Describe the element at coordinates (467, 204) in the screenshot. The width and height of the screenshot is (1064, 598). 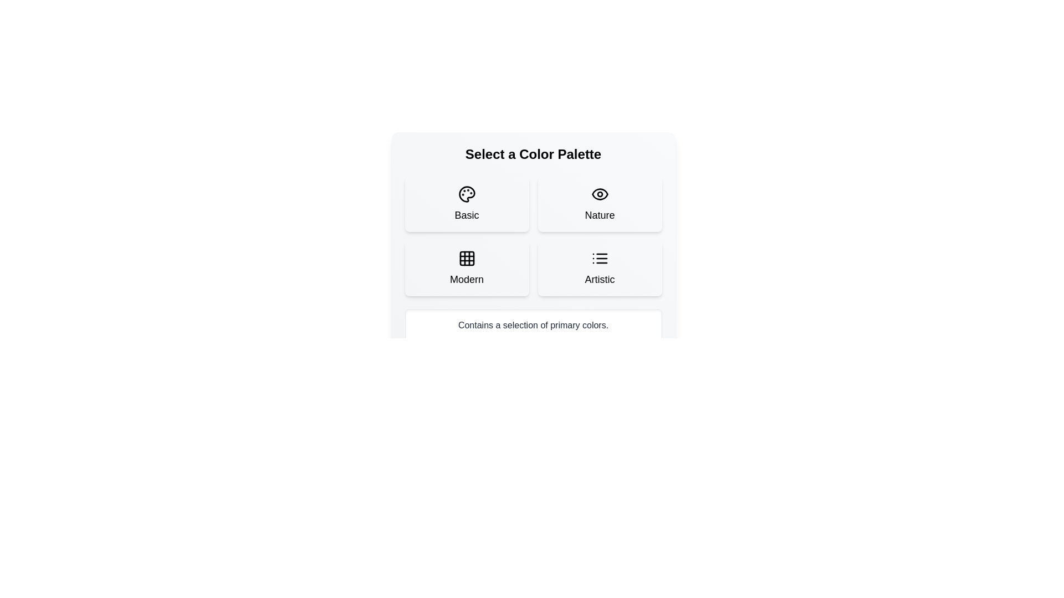
I see `the palette button for Basic` at that location.